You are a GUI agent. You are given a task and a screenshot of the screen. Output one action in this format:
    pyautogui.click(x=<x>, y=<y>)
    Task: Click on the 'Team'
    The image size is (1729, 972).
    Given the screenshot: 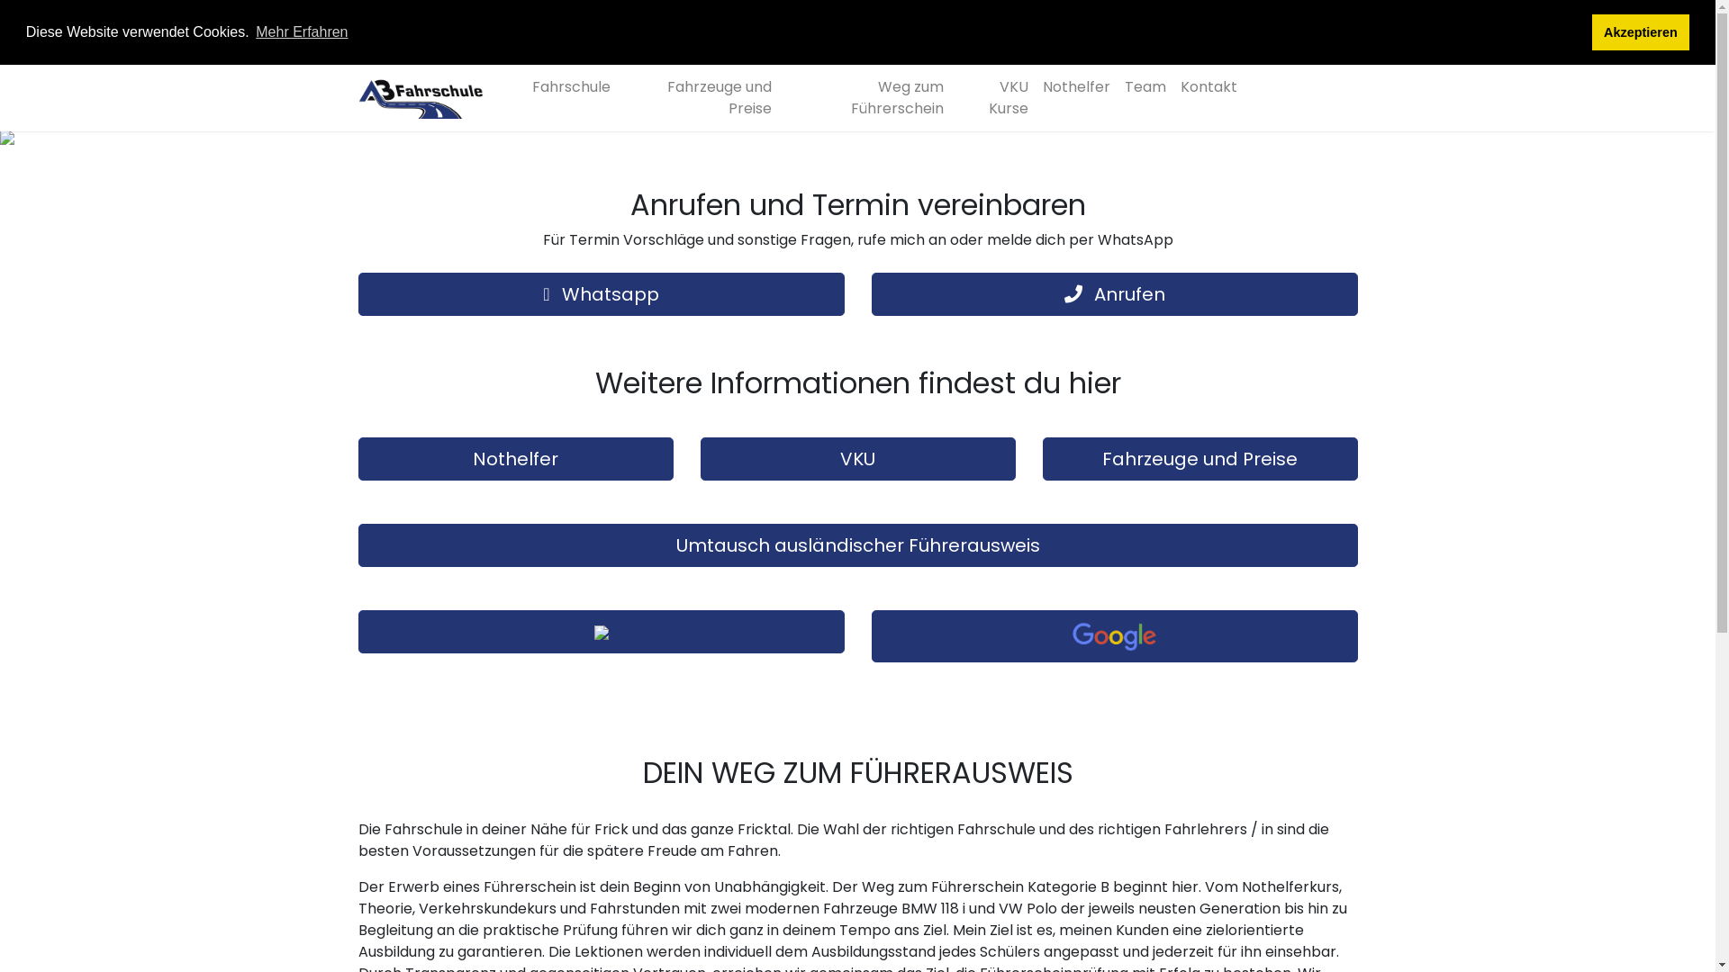 What is the action you would take?
    pyautogui.click(x=1144, y=86)
    